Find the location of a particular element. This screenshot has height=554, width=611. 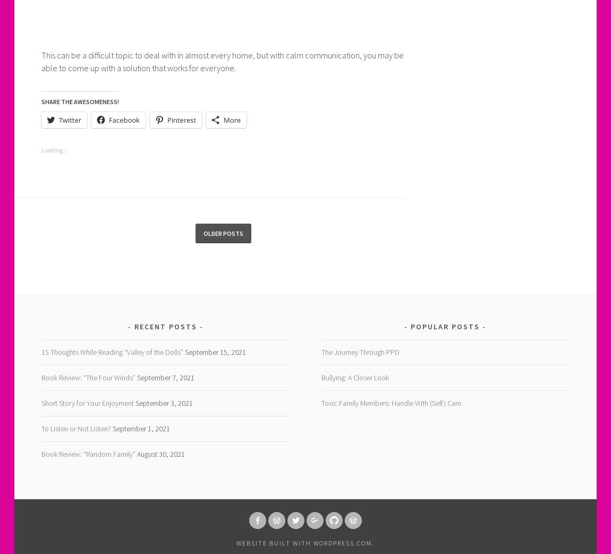

'The Journey Through PPD' is located at coordinates (359, 352).